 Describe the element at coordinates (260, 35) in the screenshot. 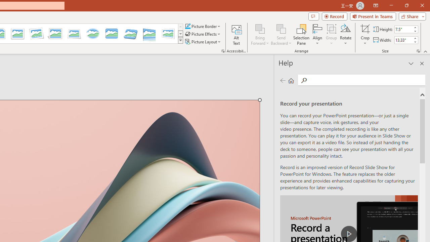

I see `'Bring Forward'` at that location.